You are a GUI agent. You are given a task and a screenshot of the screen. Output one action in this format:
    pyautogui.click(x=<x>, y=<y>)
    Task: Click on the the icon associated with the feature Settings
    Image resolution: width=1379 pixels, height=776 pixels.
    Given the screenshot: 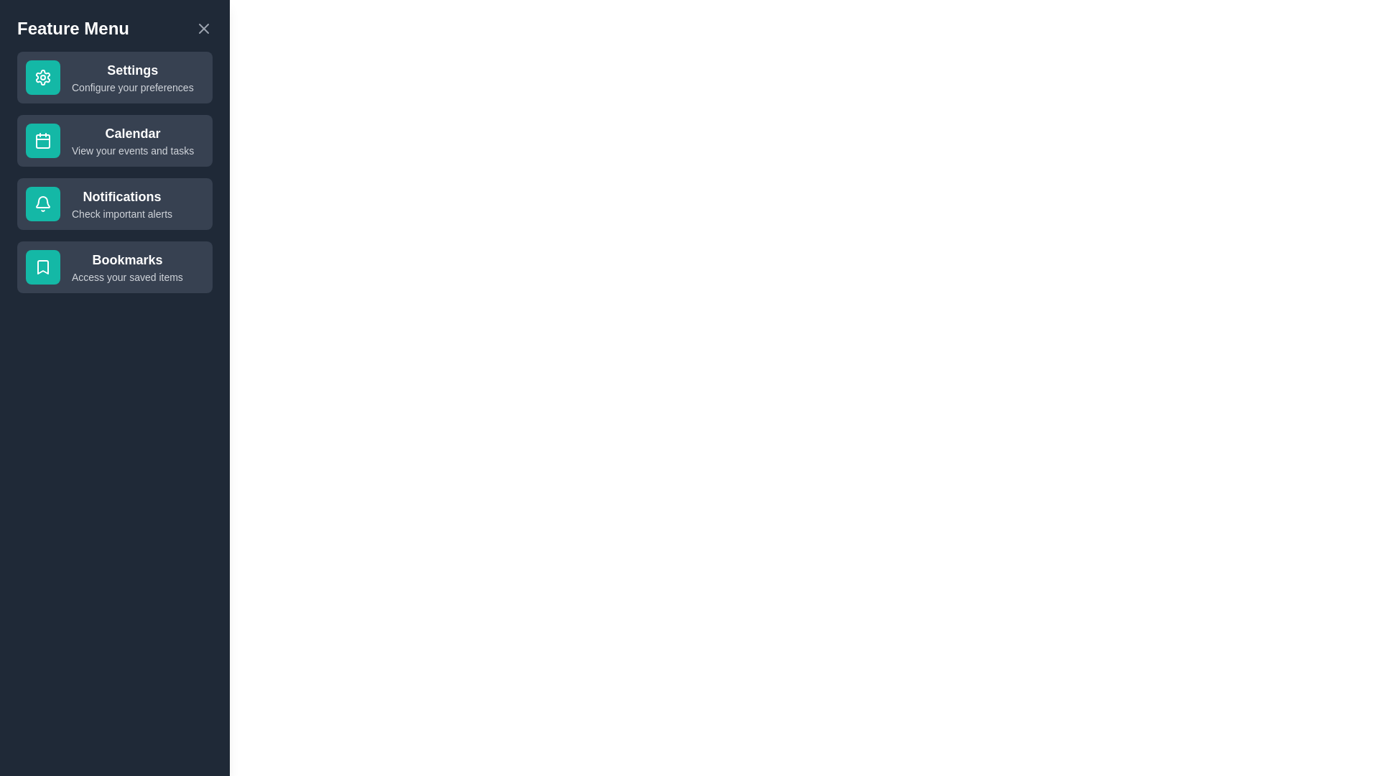 What is the action you would take?
    pyautogui.click(x=42, y=78)
    